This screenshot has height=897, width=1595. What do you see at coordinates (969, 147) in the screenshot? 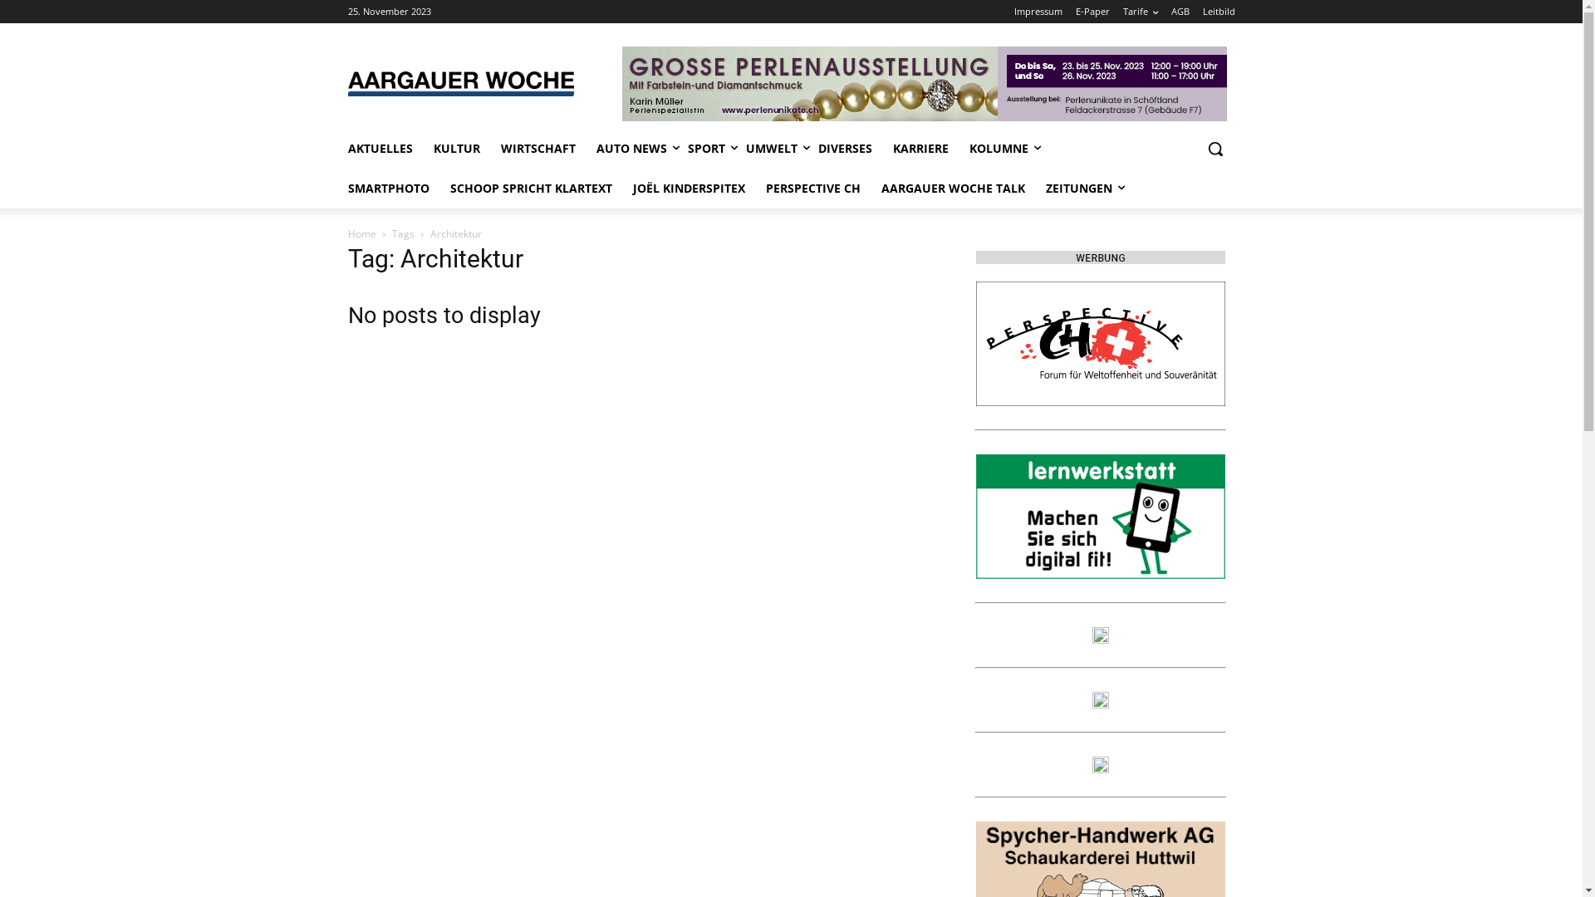
I see `'KOLUMNE'` at bounding box center [969, 147].